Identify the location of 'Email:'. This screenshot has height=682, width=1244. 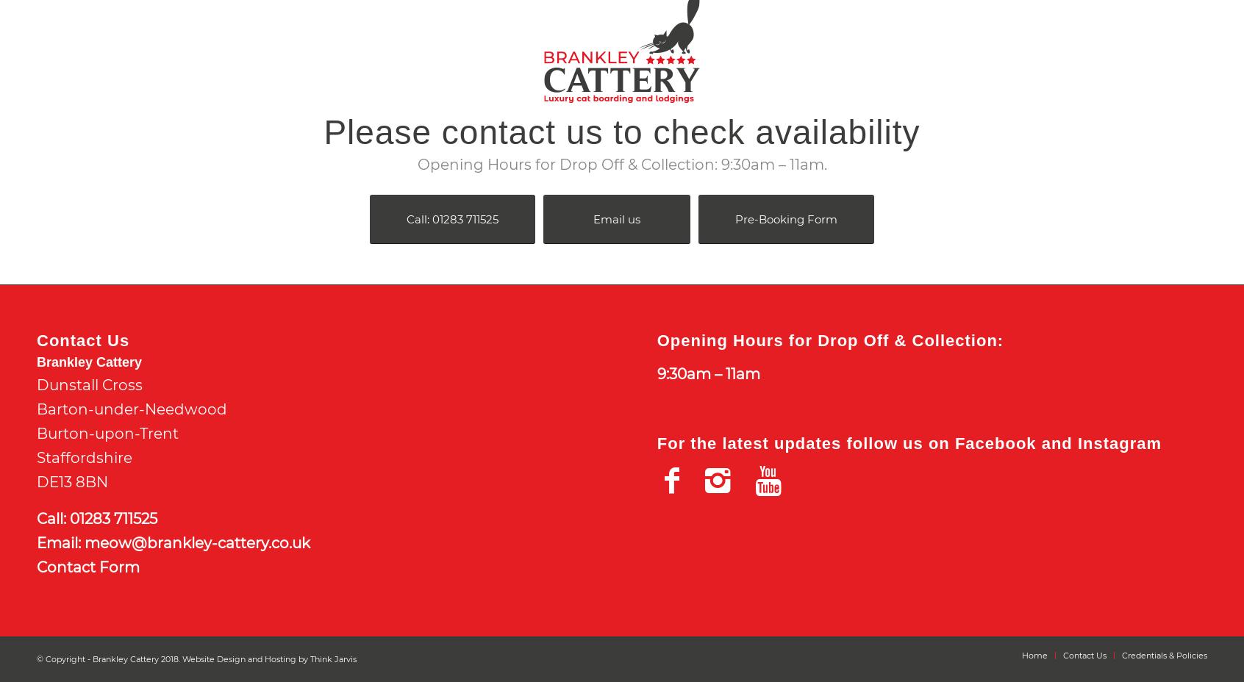
(36, 542).